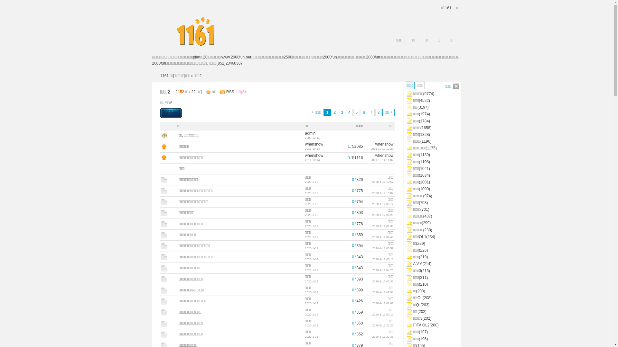  What do you see at coordinates (383, 182) in the screenshot?
I see `'2020-1-12 10:57'` at bounding box center [383, 182].